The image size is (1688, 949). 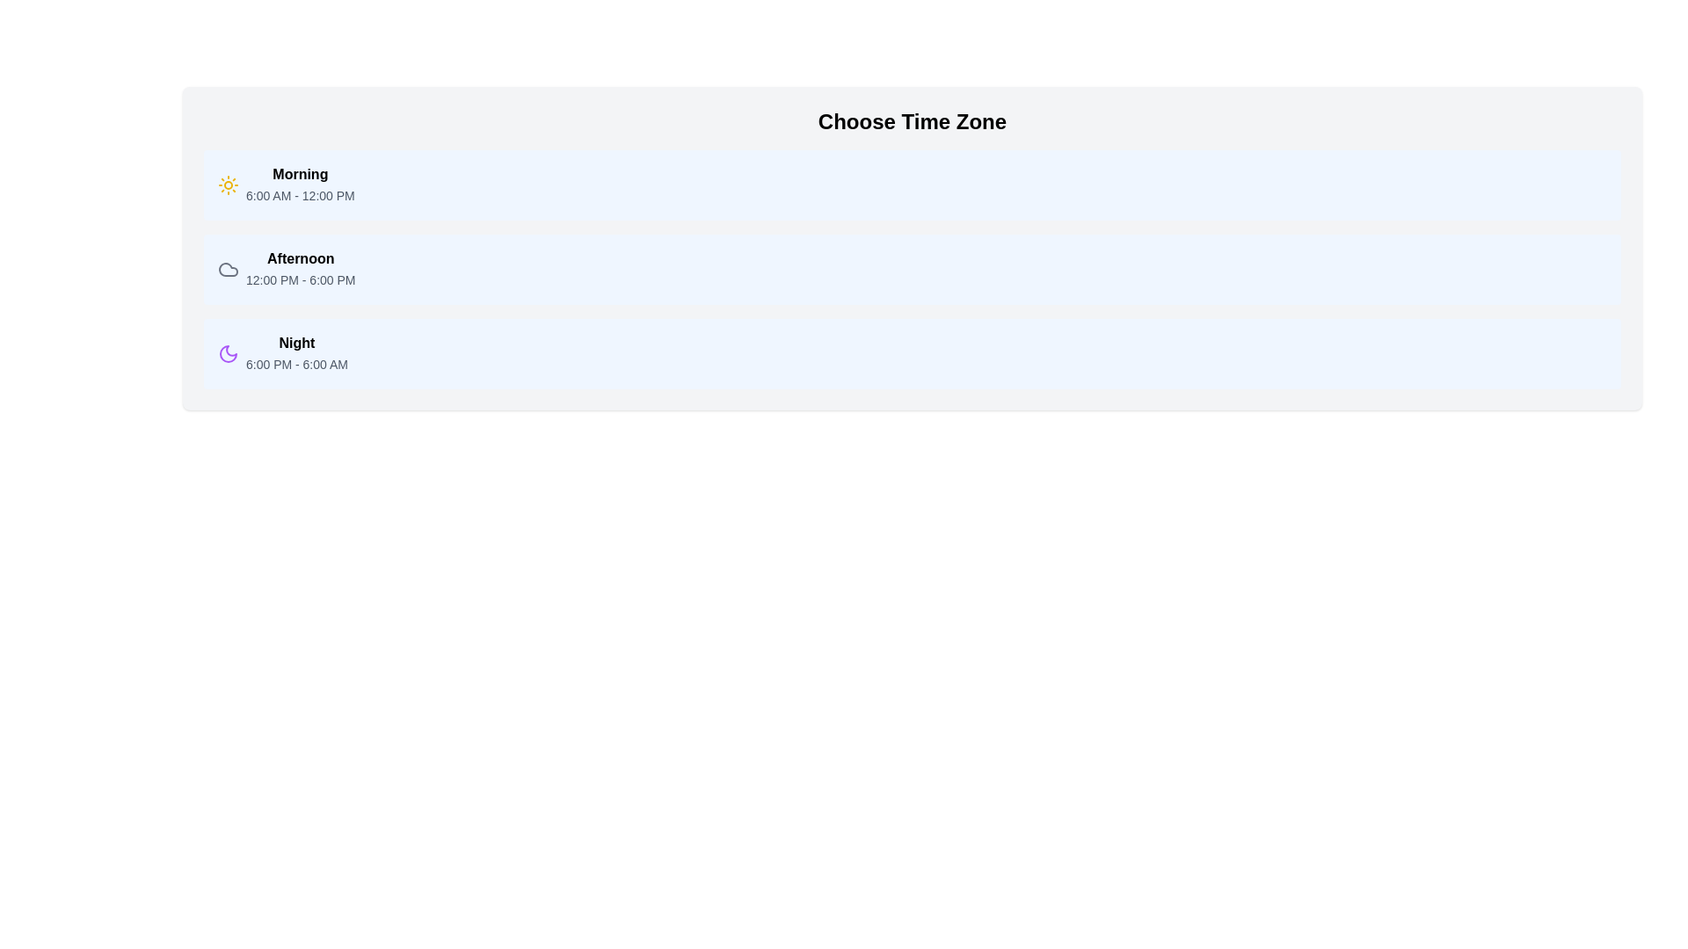 I want to click on the selectable list item labeled 'Afternoon', so click(x=912, y=270).